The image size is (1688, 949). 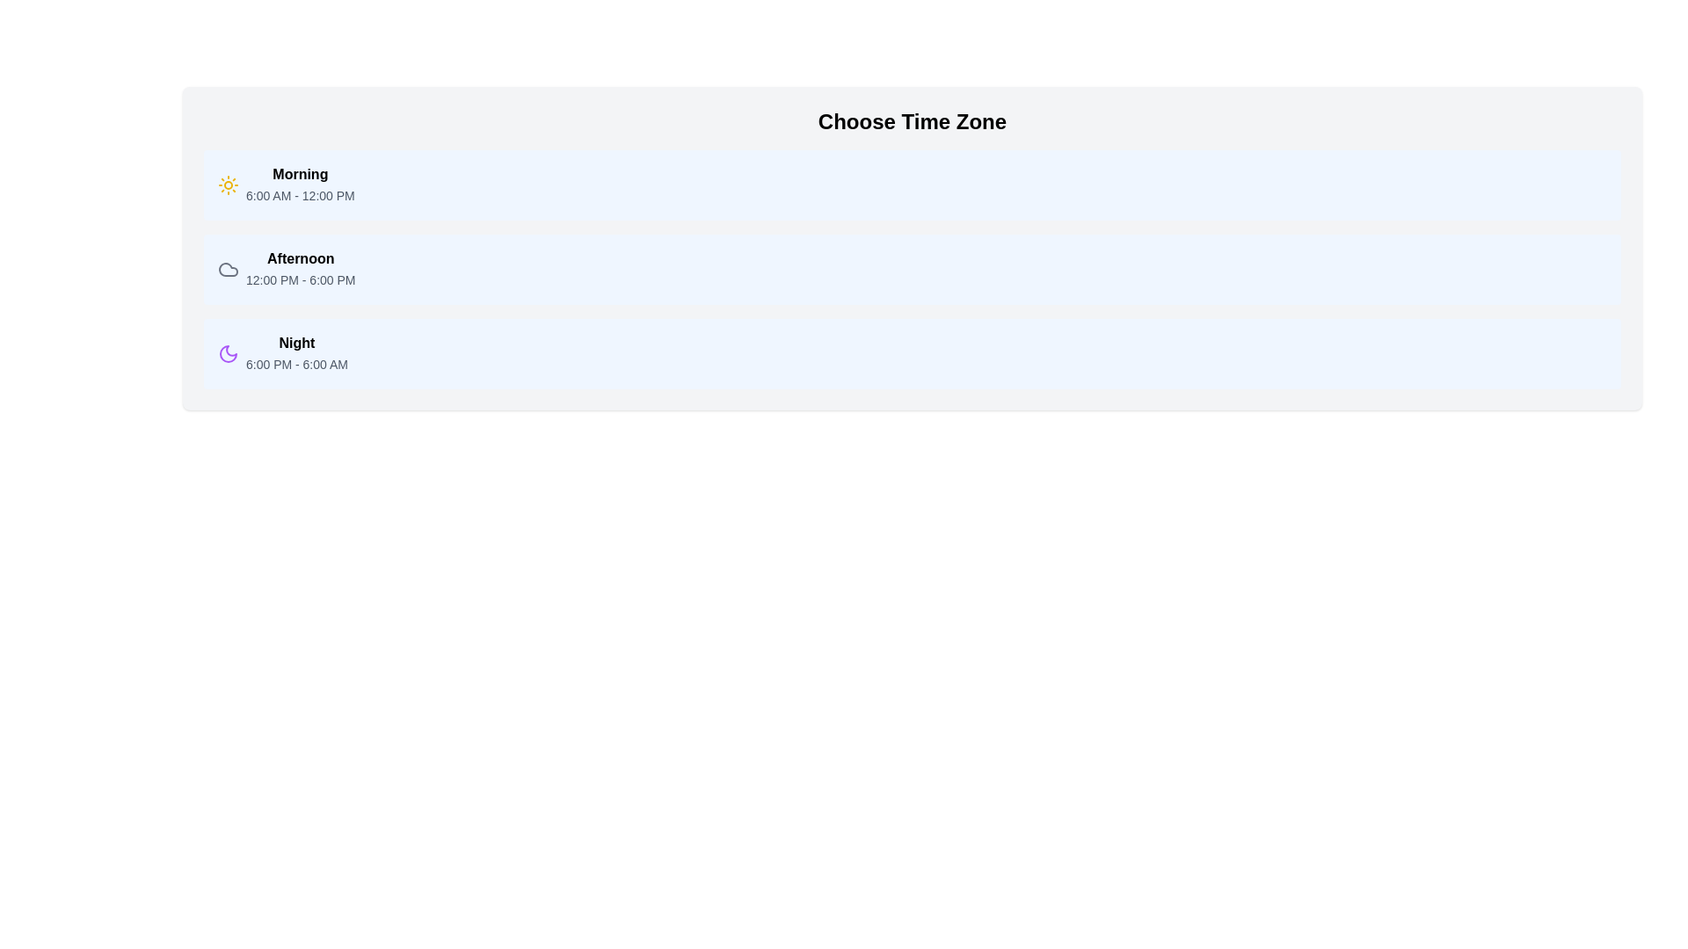 I want to click on the selectable list item labeled 'Afternoon', so click(x=912, y=270).